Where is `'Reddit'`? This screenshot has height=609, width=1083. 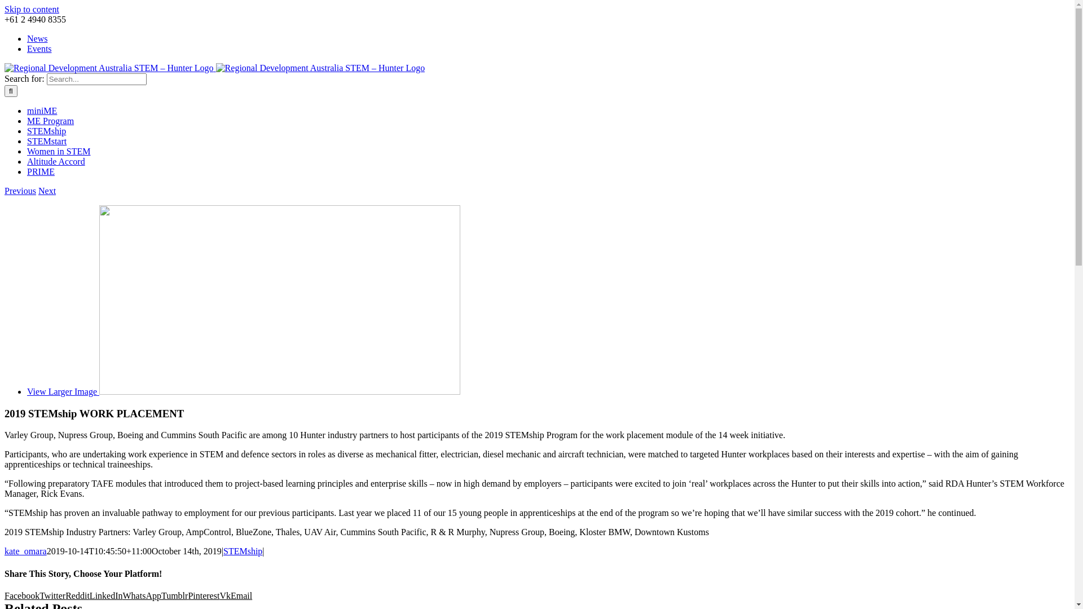 'Reddit' is located at coordinates (77, 595).